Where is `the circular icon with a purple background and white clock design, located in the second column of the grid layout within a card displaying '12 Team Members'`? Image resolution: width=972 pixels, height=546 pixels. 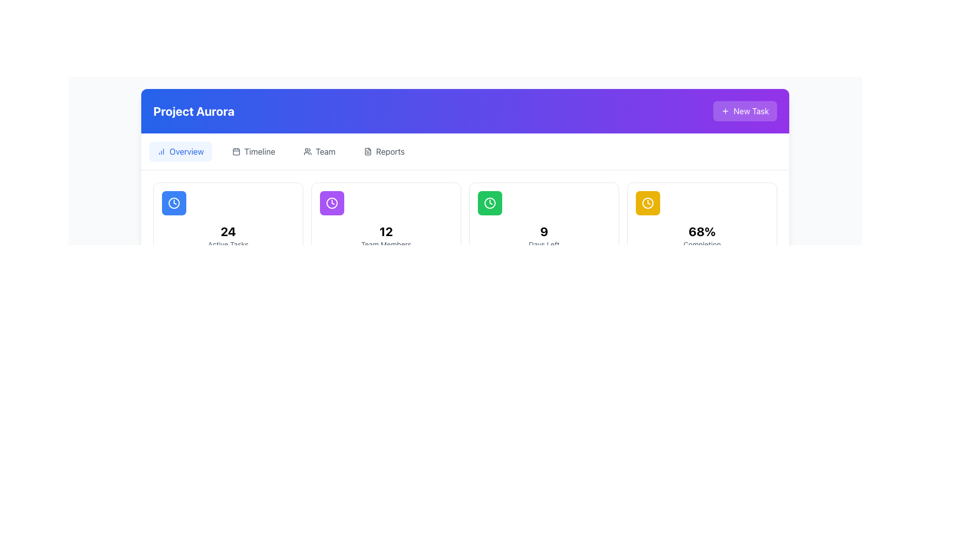
the circular icon with a purple background and white clock design, located in the second column of the grid layout within a card displaying '12 Team Members' is located at coordinates (332, 203).